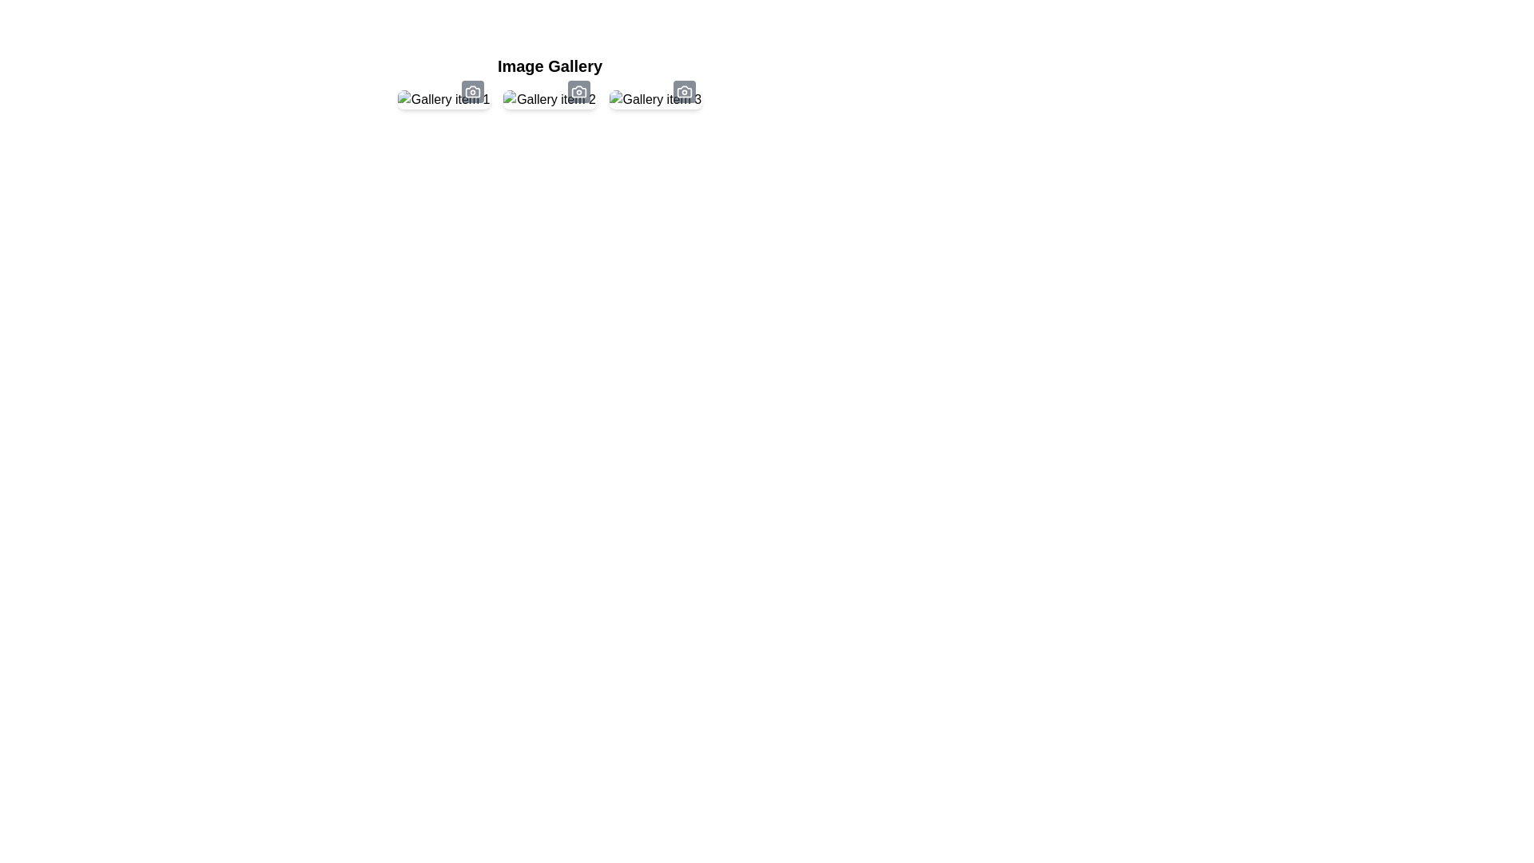 Image resolution: width=1534 pixels, height=863 pixels. I want to click on the button located at the bottom-right corner of the first image in the gallery, so click(472, 92).